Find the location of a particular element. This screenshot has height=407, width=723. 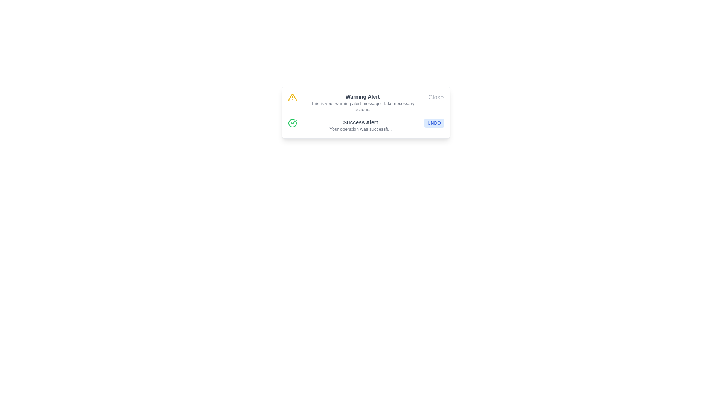

the warning icon located in the alert section, which conveys a cautionary message to the user is located at coordinates (292, 97).